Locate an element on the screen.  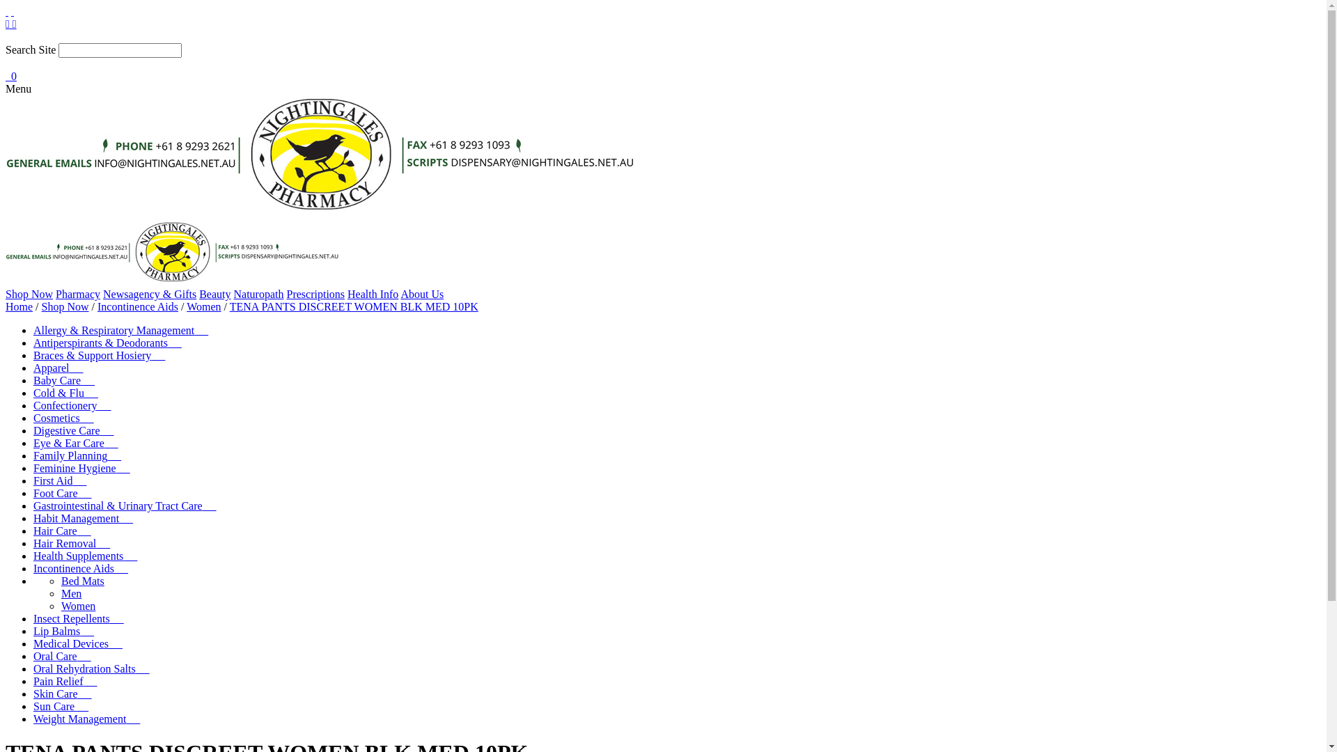
'Cold & Flu     ' is located at coordinates (65, 393).